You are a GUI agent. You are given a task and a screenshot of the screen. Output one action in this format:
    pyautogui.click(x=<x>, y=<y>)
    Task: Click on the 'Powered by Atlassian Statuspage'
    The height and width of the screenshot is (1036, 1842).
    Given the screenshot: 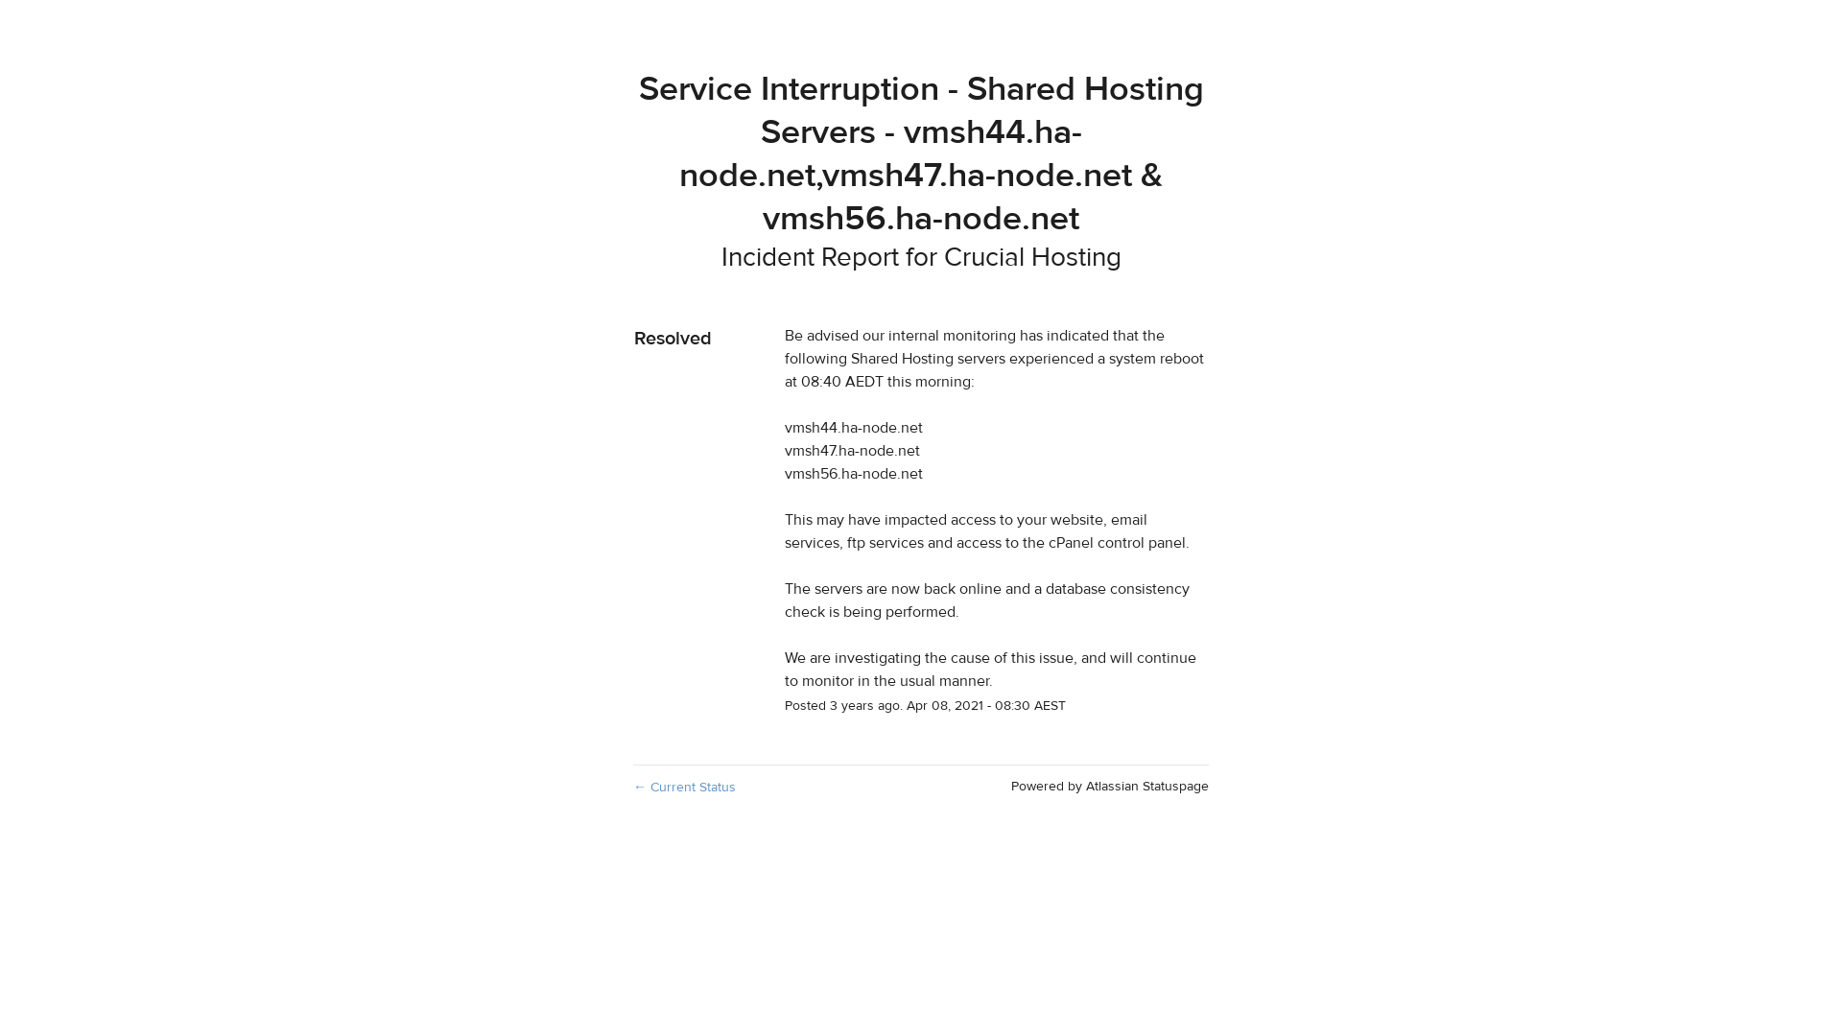 What is the action you would take?
    pyautogui.click(x=1109, y=787)
    